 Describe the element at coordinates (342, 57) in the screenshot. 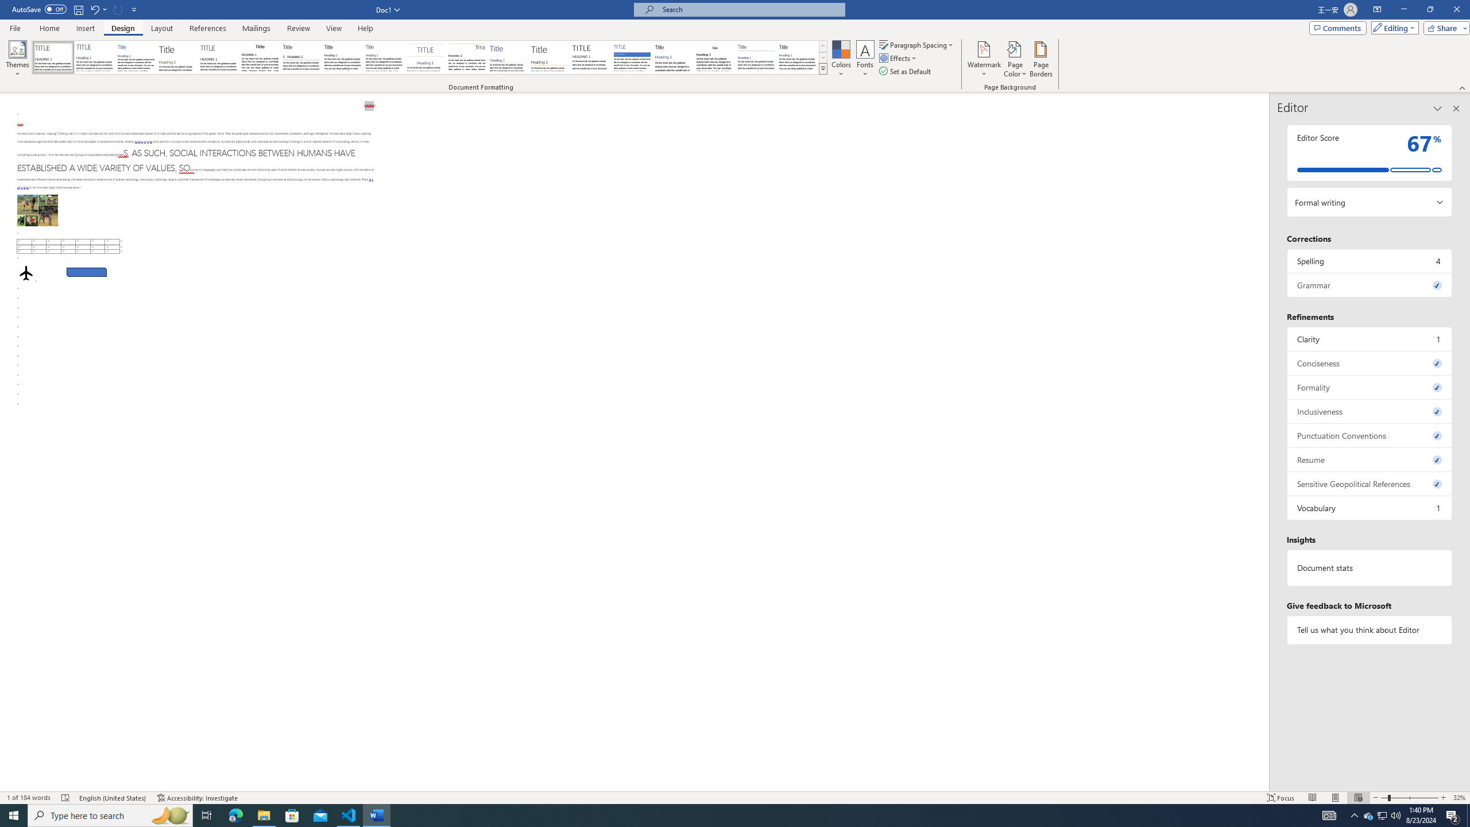

I see `'Black & White (Word 2013)'` at that location.